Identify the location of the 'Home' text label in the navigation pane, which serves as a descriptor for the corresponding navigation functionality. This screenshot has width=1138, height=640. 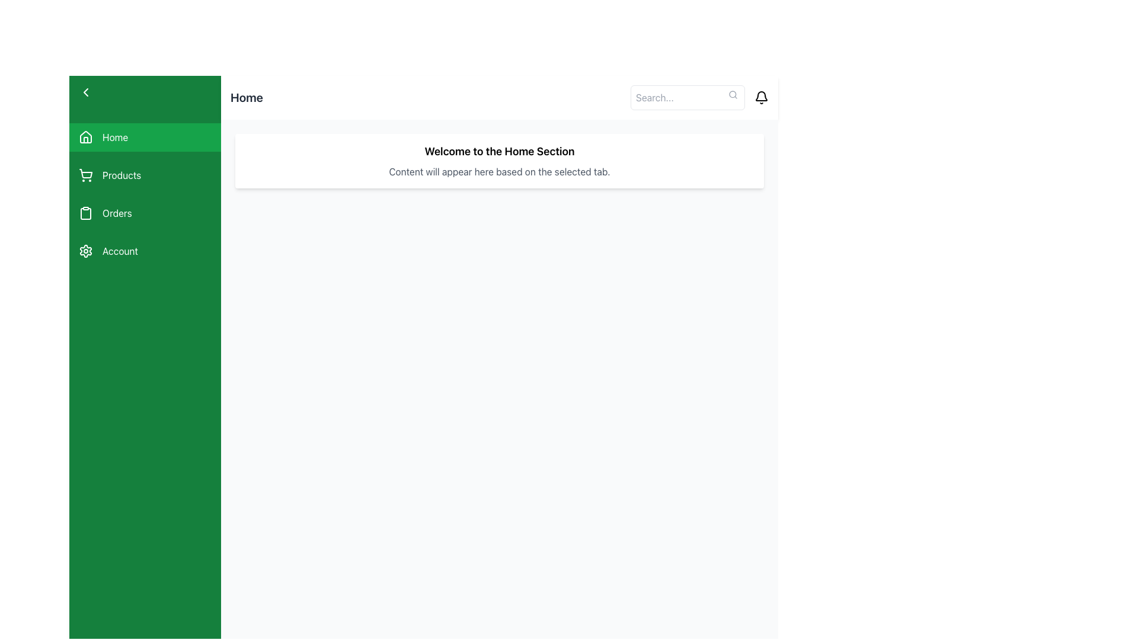
(115, 136).